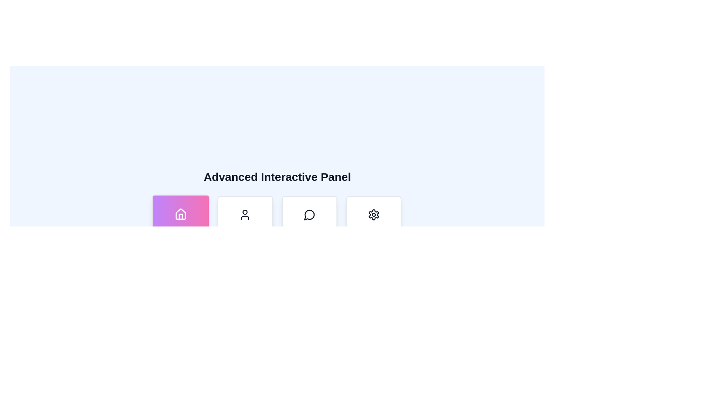 The width and height of the screenshot is (725, 407). I want to click on the first button in the grid, located at the top left corner, so click(180, 222).